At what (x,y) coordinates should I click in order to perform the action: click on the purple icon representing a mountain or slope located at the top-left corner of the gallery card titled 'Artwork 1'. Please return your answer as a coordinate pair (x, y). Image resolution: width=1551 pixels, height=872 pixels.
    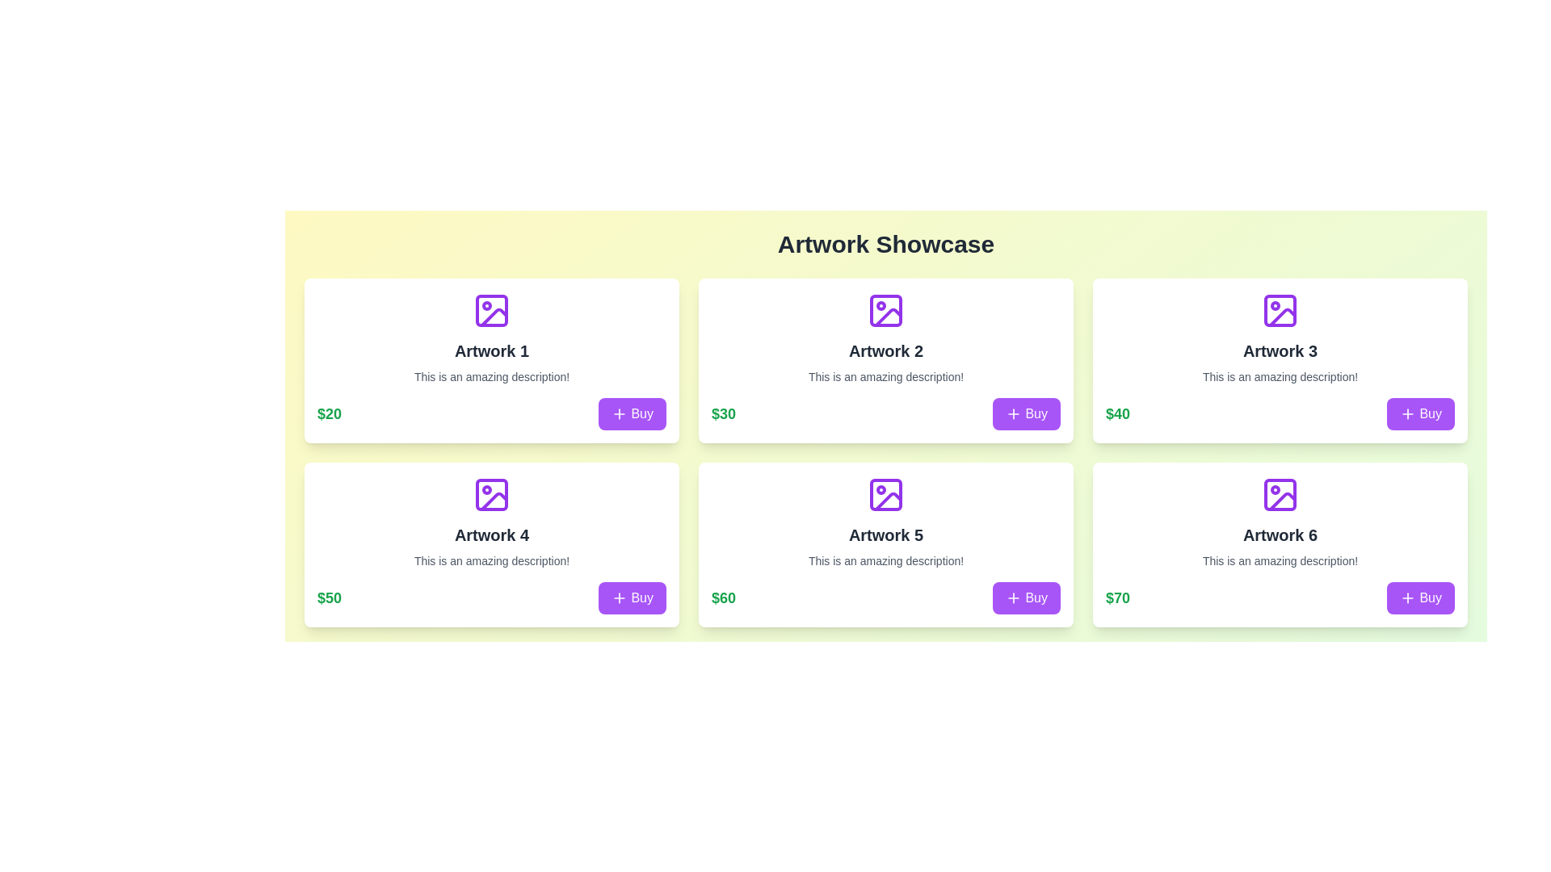
    Looking at the image, I should click on (491, 311).